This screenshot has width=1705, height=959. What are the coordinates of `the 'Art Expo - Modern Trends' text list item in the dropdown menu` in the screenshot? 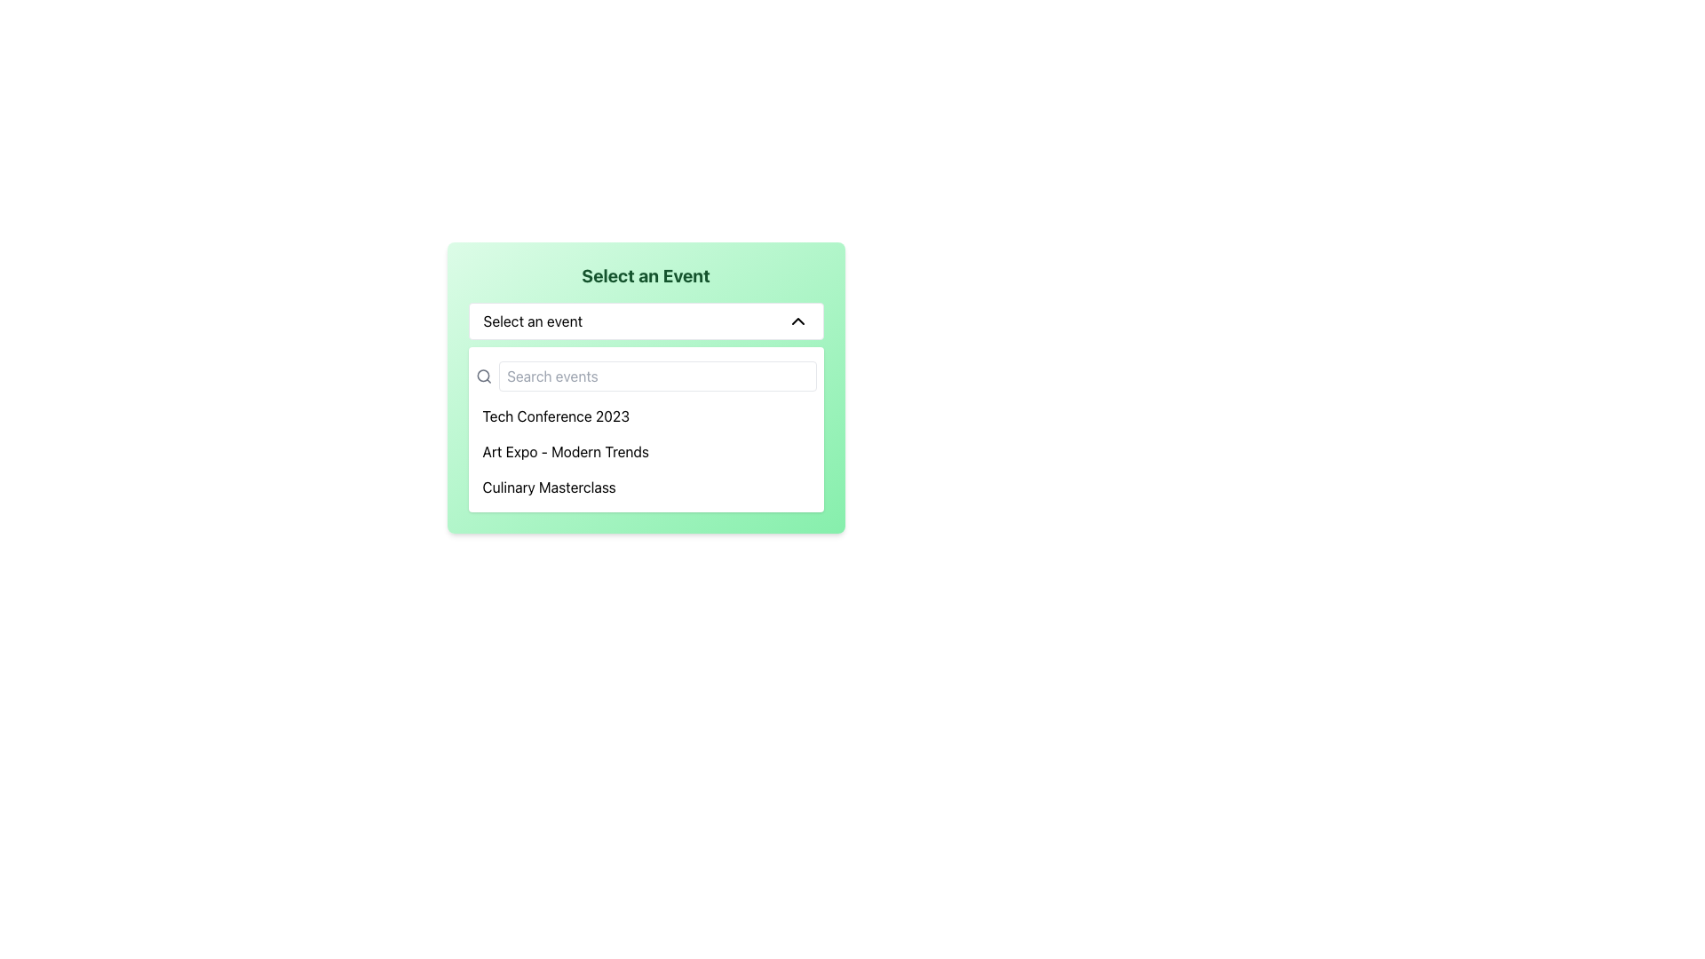 It's located at (645, 451).